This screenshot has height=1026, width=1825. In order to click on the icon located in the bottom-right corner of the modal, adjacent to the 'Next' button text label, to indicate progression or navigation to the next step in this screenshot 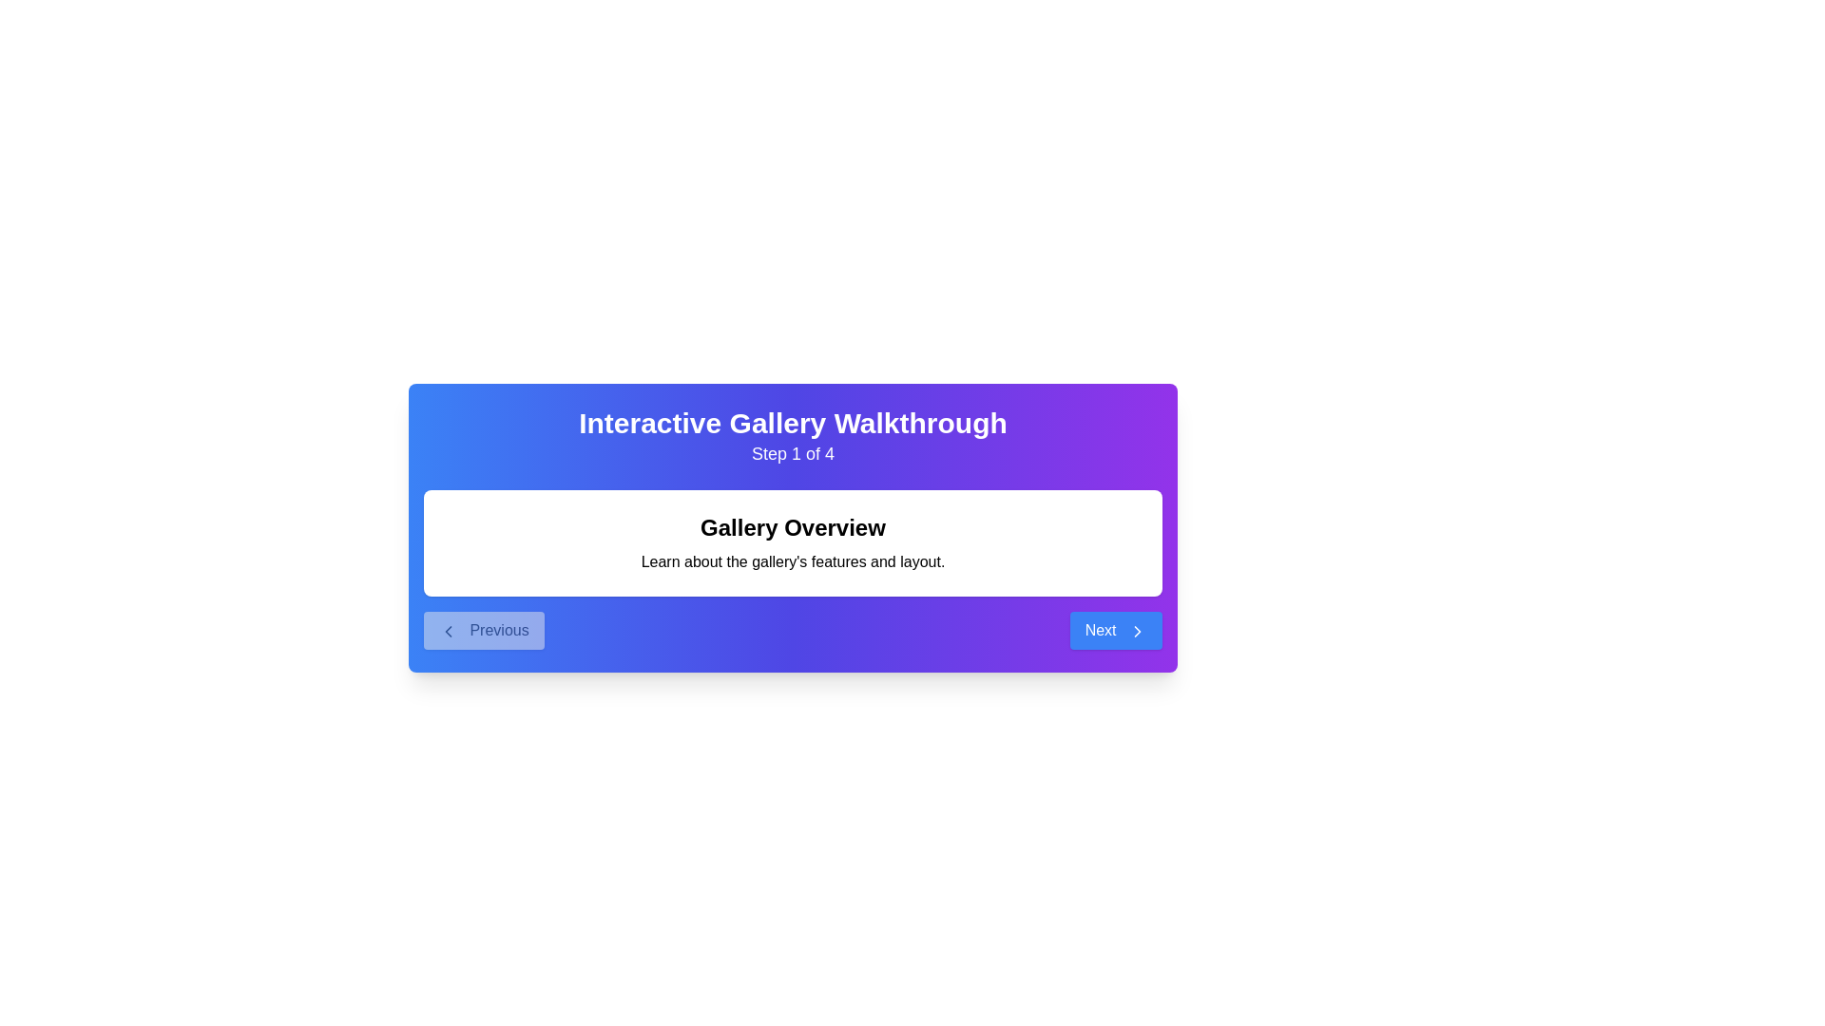, I will do `click(1137, 630)`.